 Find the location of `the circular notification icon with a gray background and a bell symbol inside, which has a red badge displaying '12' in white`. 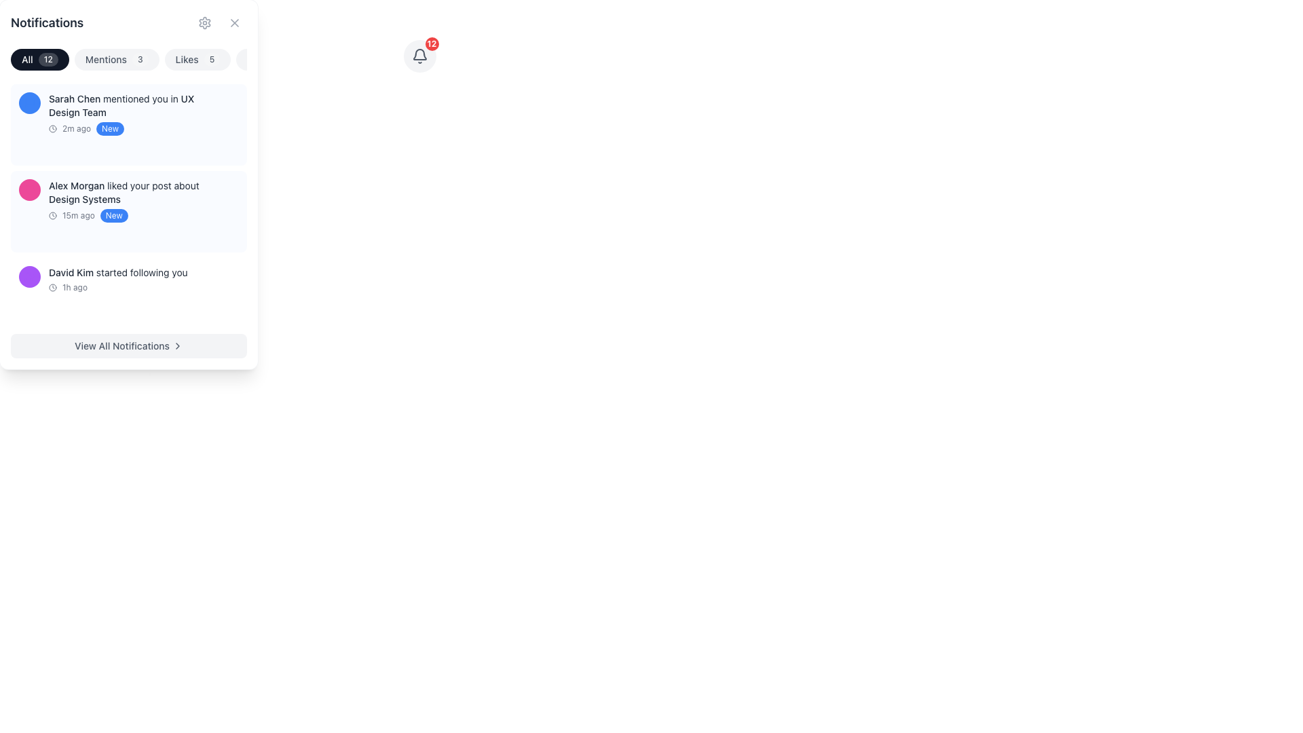

the circular notification icon with a gray background and a bell symbol inside, which has a red badge displaying '12' in white is located at coordinates (419, 56).